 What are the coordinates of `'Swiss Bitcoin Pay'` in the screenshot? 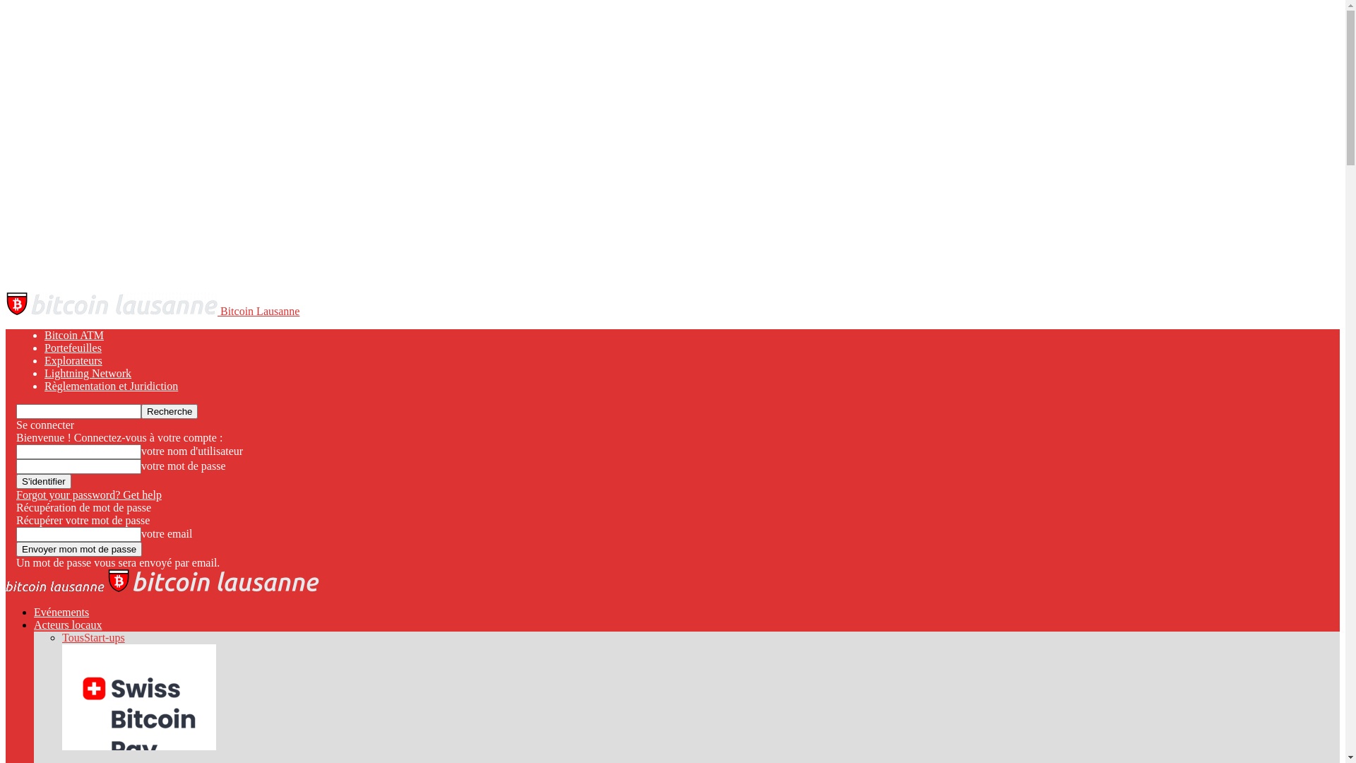 It's located at (138, 745).